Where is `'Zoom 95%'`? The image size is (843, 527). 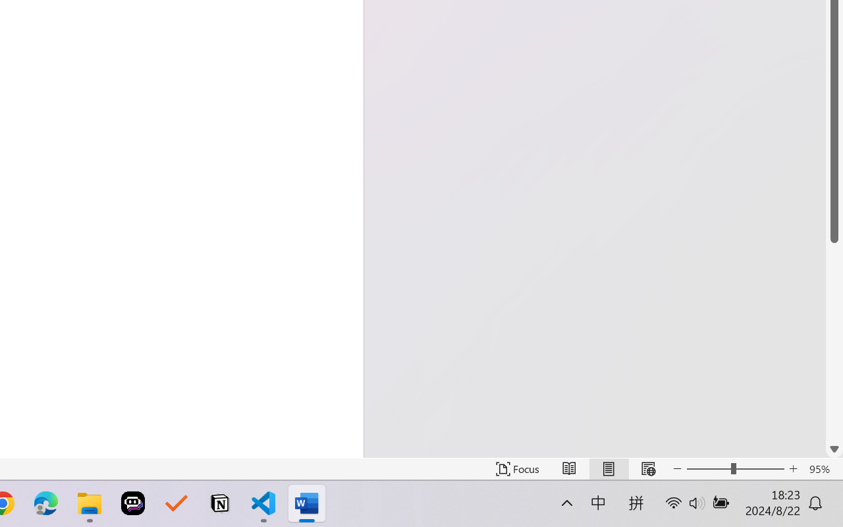 'Zoom 95%' is located at coordinates (822, 468).